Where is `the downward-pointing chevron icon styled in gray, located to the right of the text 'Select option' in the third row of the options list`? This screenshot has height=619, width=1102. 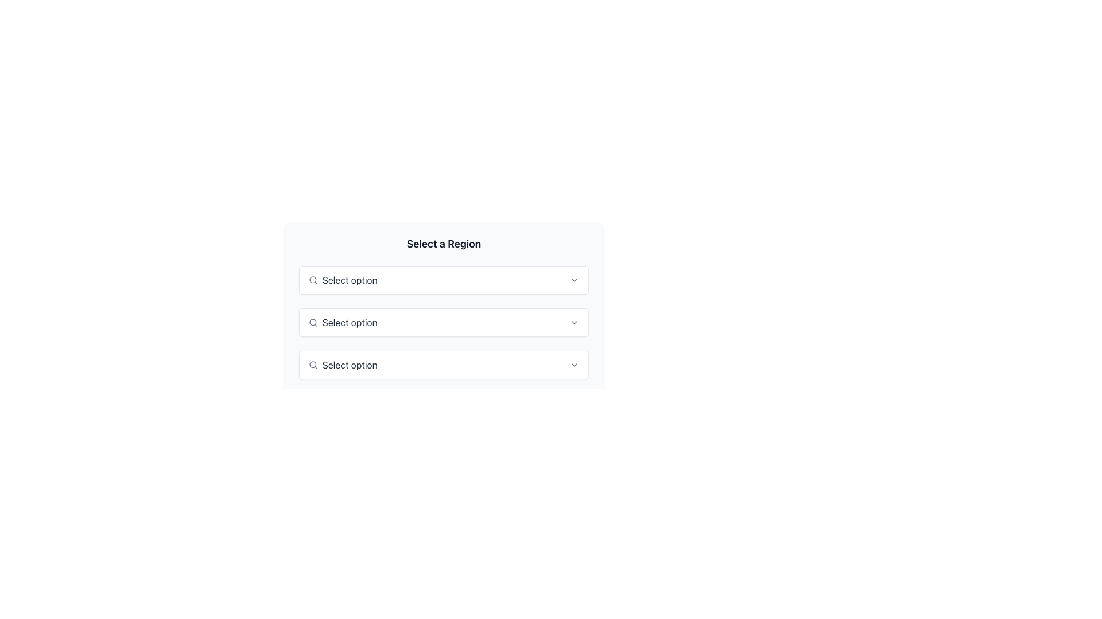
the downward-pointing chevron icon styled in gray, located to the right of the text 'Select option' in the third row of the options list is located at coordinates (575, 365).